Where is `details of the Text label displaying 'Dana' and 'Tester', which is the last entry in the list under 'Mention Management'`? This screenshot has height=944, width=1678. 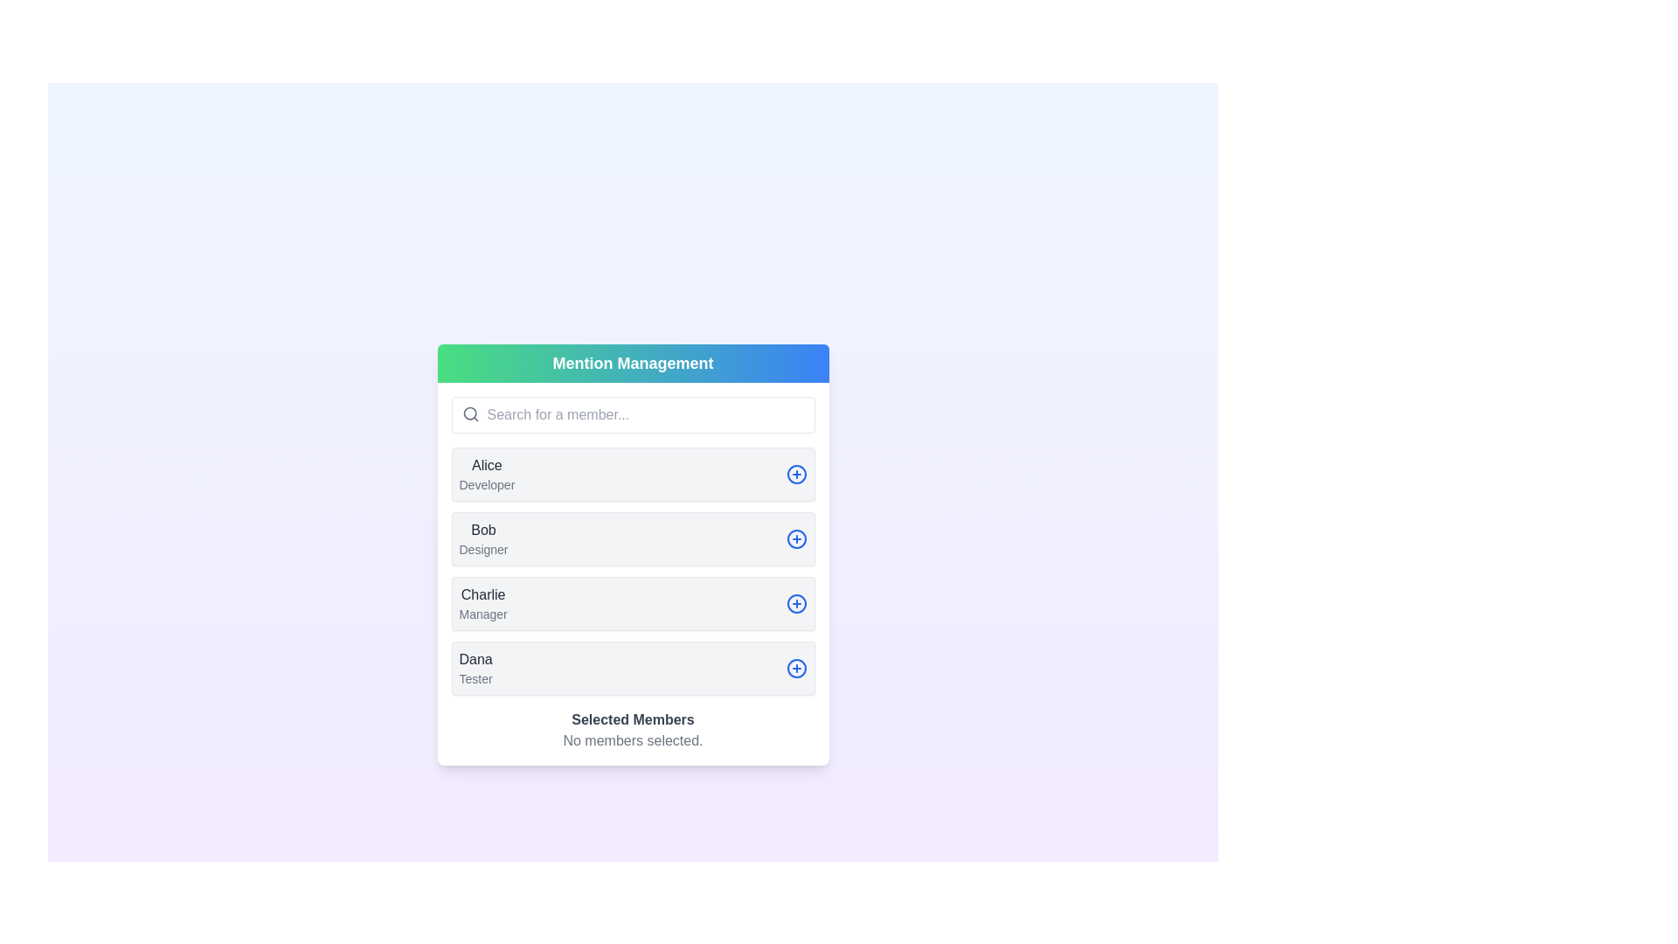
details of the Text label displaying 'Dana' and 'Tester', which is the last entry in the list under 'Mention Management' is located at coordinates (475, 668).